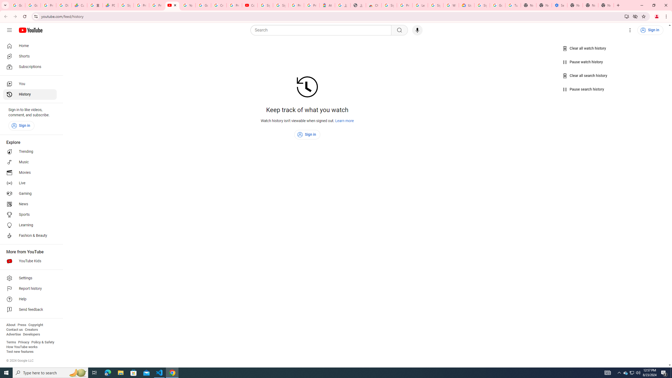 This screenshot has height=378, width=672. What do you see at coordinates (606, 5) in the screenshot?
I see `'New Tab'` at bounding box center [606, 5].